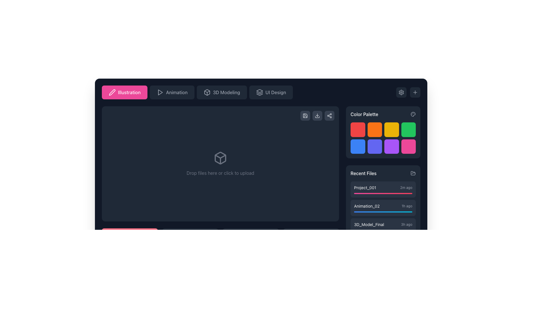 This screenshot has width=554, height=311. I want to click on the interactive color selection button located in the bottom row, second block from the left of the 4x2 grid in the 'Color Palette' section, so click(375, 146).